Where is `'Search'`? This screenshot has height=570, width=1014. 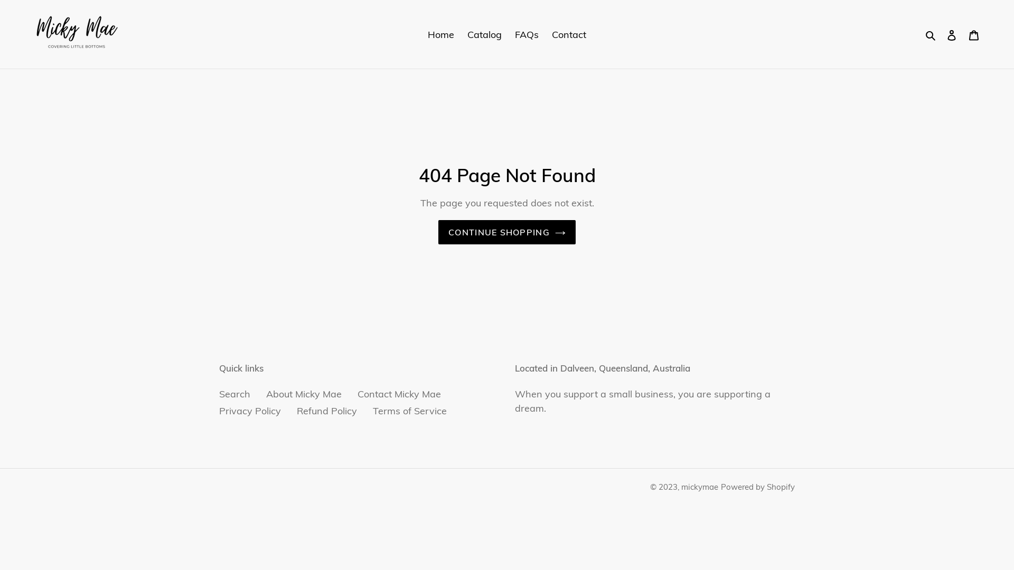 'Search' is located at coordinates (922, 33).